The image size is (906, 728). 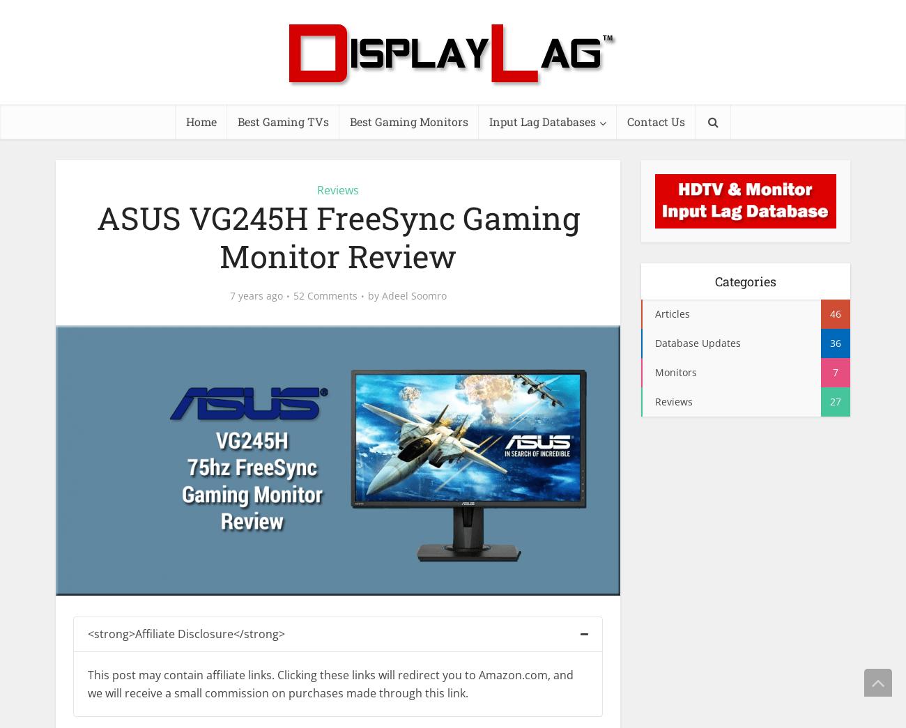 I want to click on 'This post may contain affiliate links. Clicking these links will redirect you to Amazon.com, and we will receive a small commission on purchases made through this link.', so click(x=330, y=683).